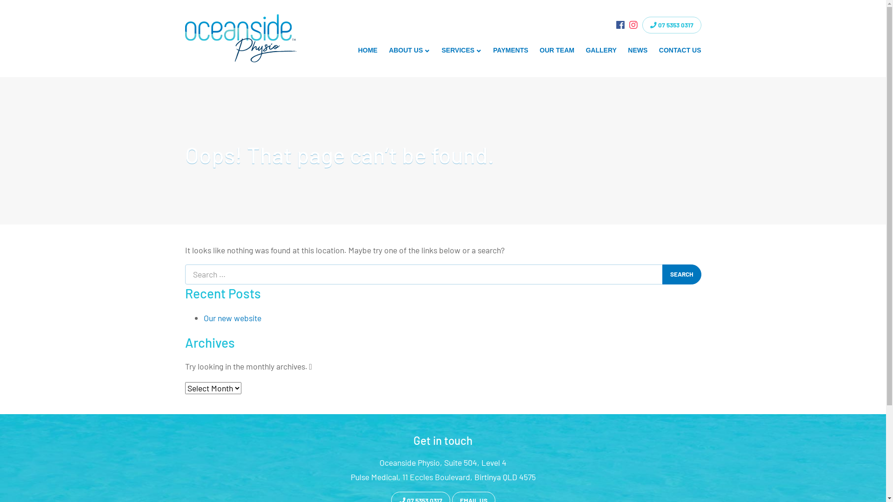  Describe the element at coordinates (681, 274) in the screenshot. I see `'Search'` at that location.